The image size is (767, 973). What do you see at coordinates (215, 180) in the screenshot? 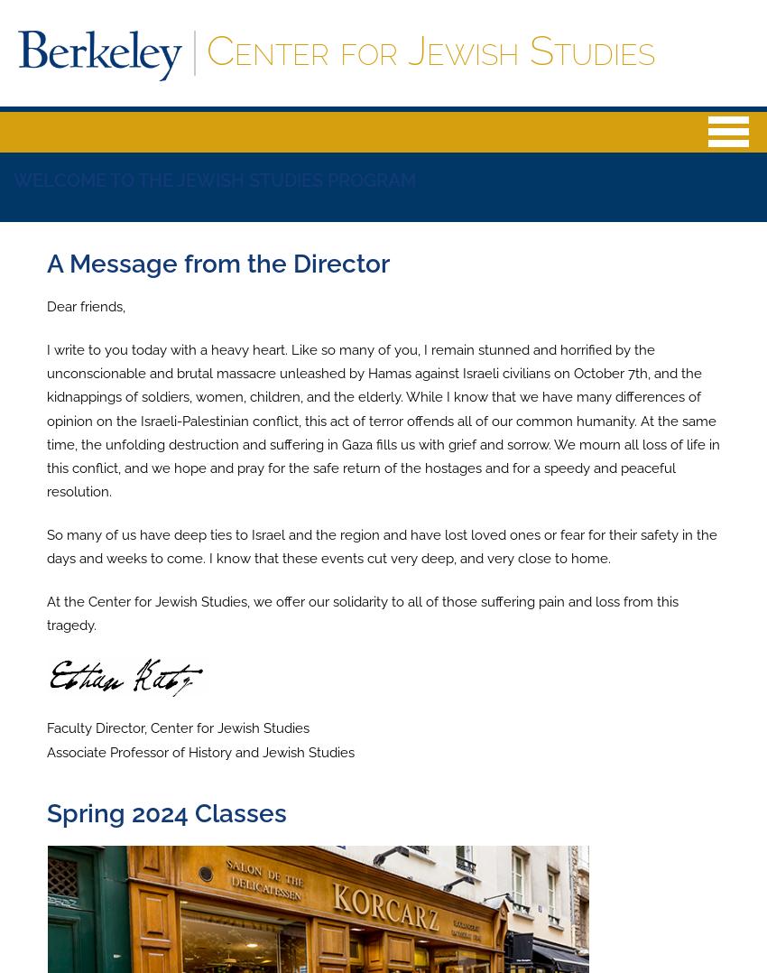
I see `'WELCOME TO THE JEWISH STUDIES PROGRAM'` at bounding box center [215, 180].